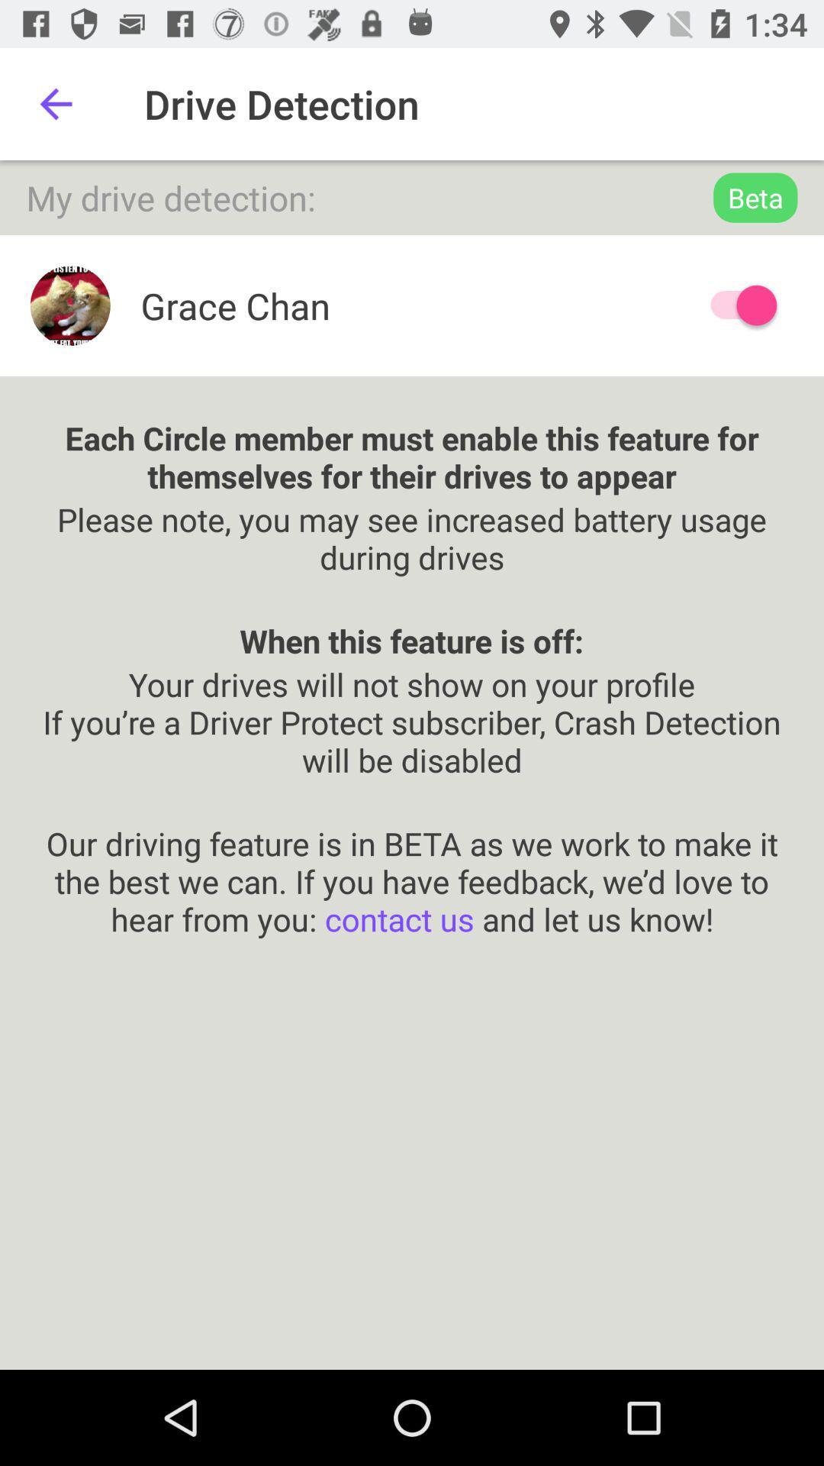 The image size is (824, 1466). I want to click on the icon next to the drive detection icon, so click(55, 103).